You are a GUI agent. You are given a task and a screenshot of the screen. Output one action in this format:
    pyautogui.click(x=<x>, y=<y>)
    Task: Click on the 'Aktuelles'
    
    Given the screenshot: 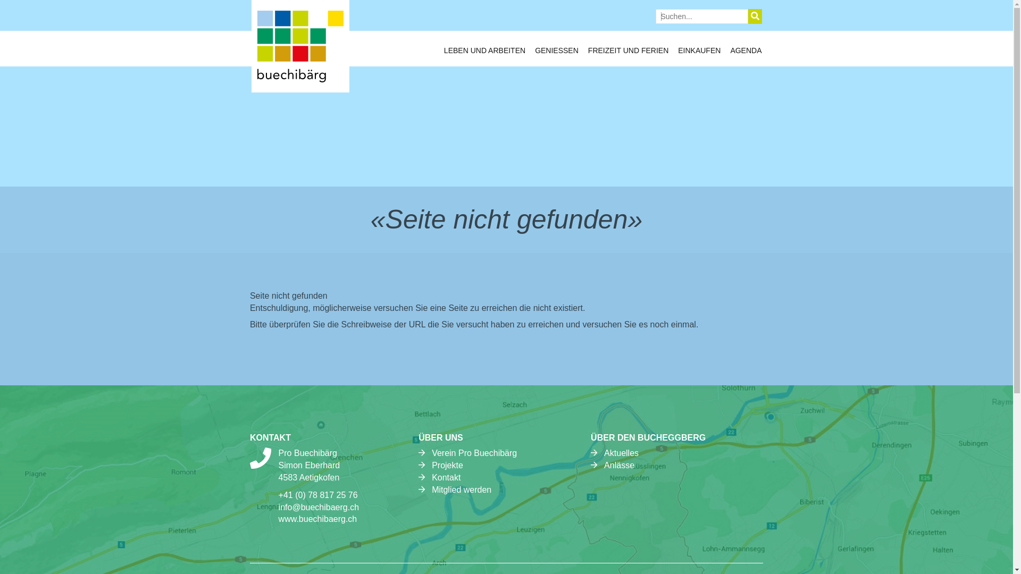 What is the action you would take?
    pyautogui.click(x=604, y=453)
    